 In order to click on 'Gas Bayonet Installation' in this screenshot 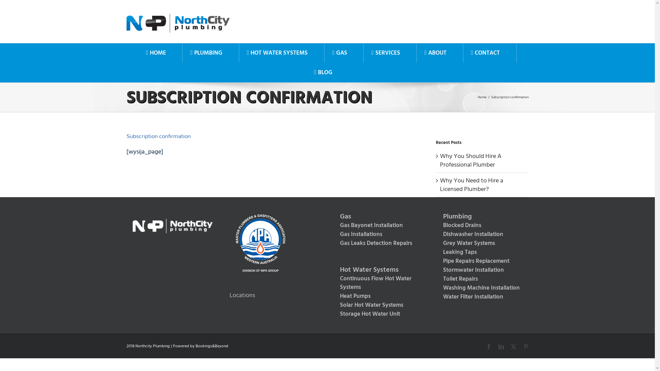, I will do `click(333, 225)`.